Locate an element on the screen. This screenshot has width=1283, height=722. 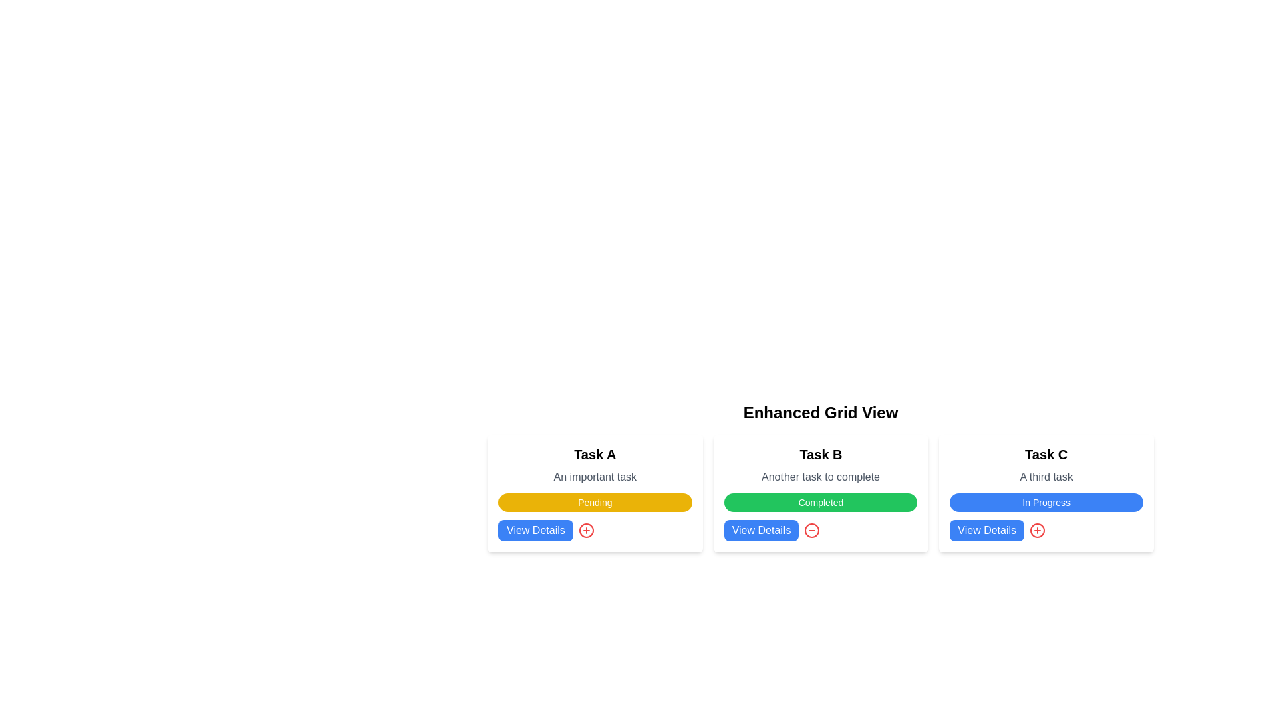
the Text Label that indicates the status of 'Pending' for 'Task A', located below the title 'An important task' and above the 'View Details' button is located at coordinates (594, 503).